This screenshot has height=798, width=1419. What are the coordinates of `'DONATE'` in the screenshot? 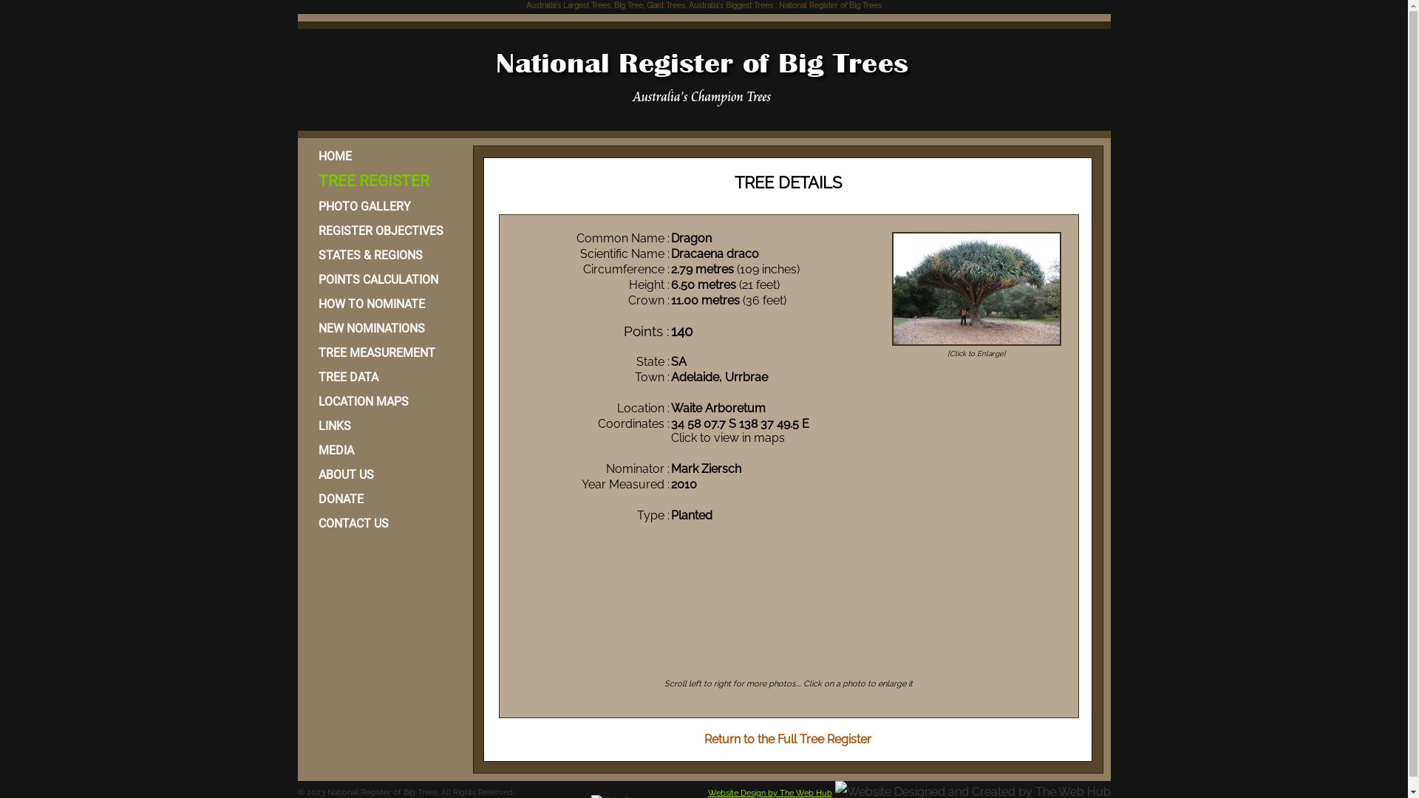 It's located at (383, 499).